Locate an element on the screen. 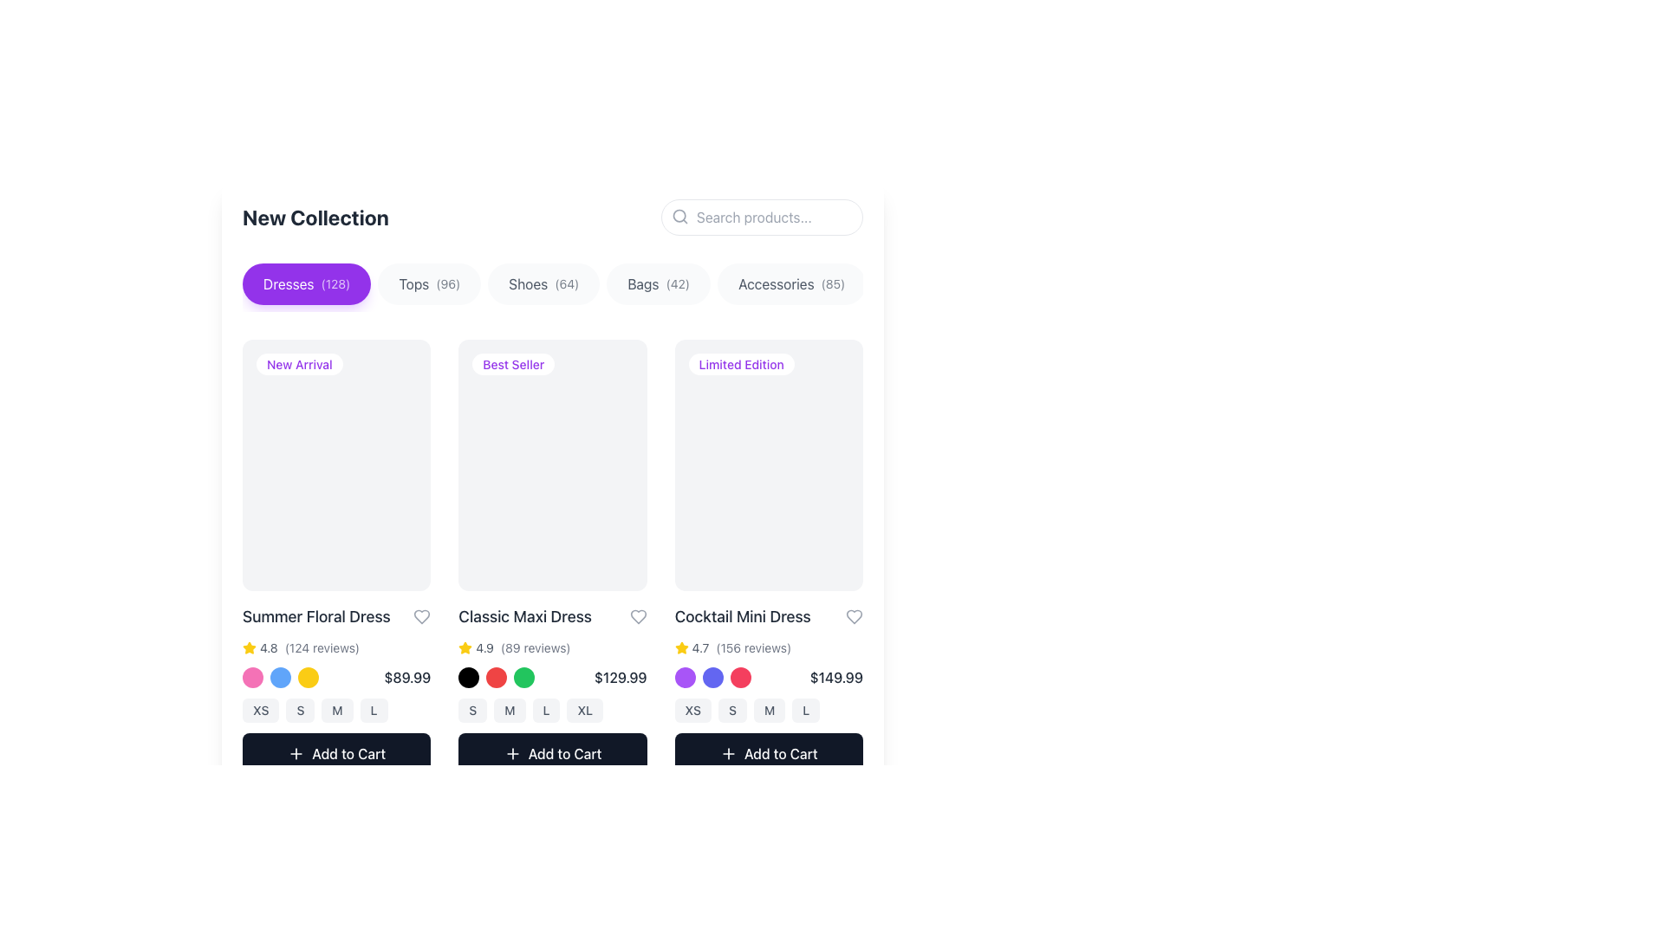 This screenshot has height=936, width=1664. the 'Classic Maxi Dress' text and heart icon in the second product card under the 'Dresses' section is located at coordinates (552, 615).